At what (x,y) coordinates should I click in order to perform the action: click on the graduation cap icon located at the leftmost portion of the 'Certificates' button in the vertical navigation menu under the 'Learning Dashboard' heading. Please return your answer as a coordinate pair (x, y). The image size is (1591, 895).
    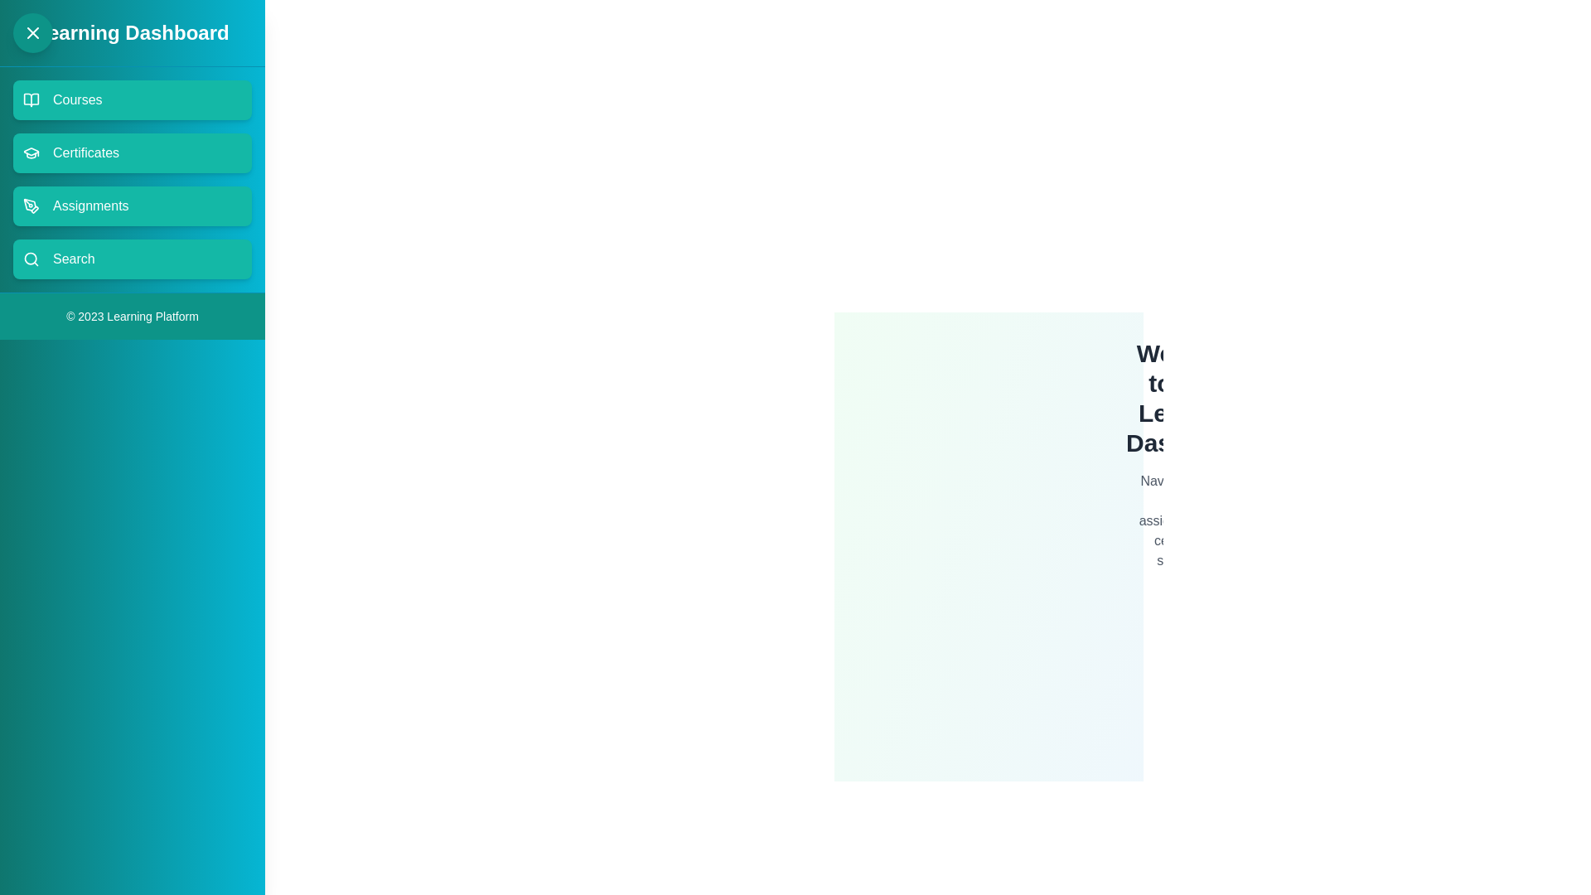
    Looking at the image, I should click on (31, 153).